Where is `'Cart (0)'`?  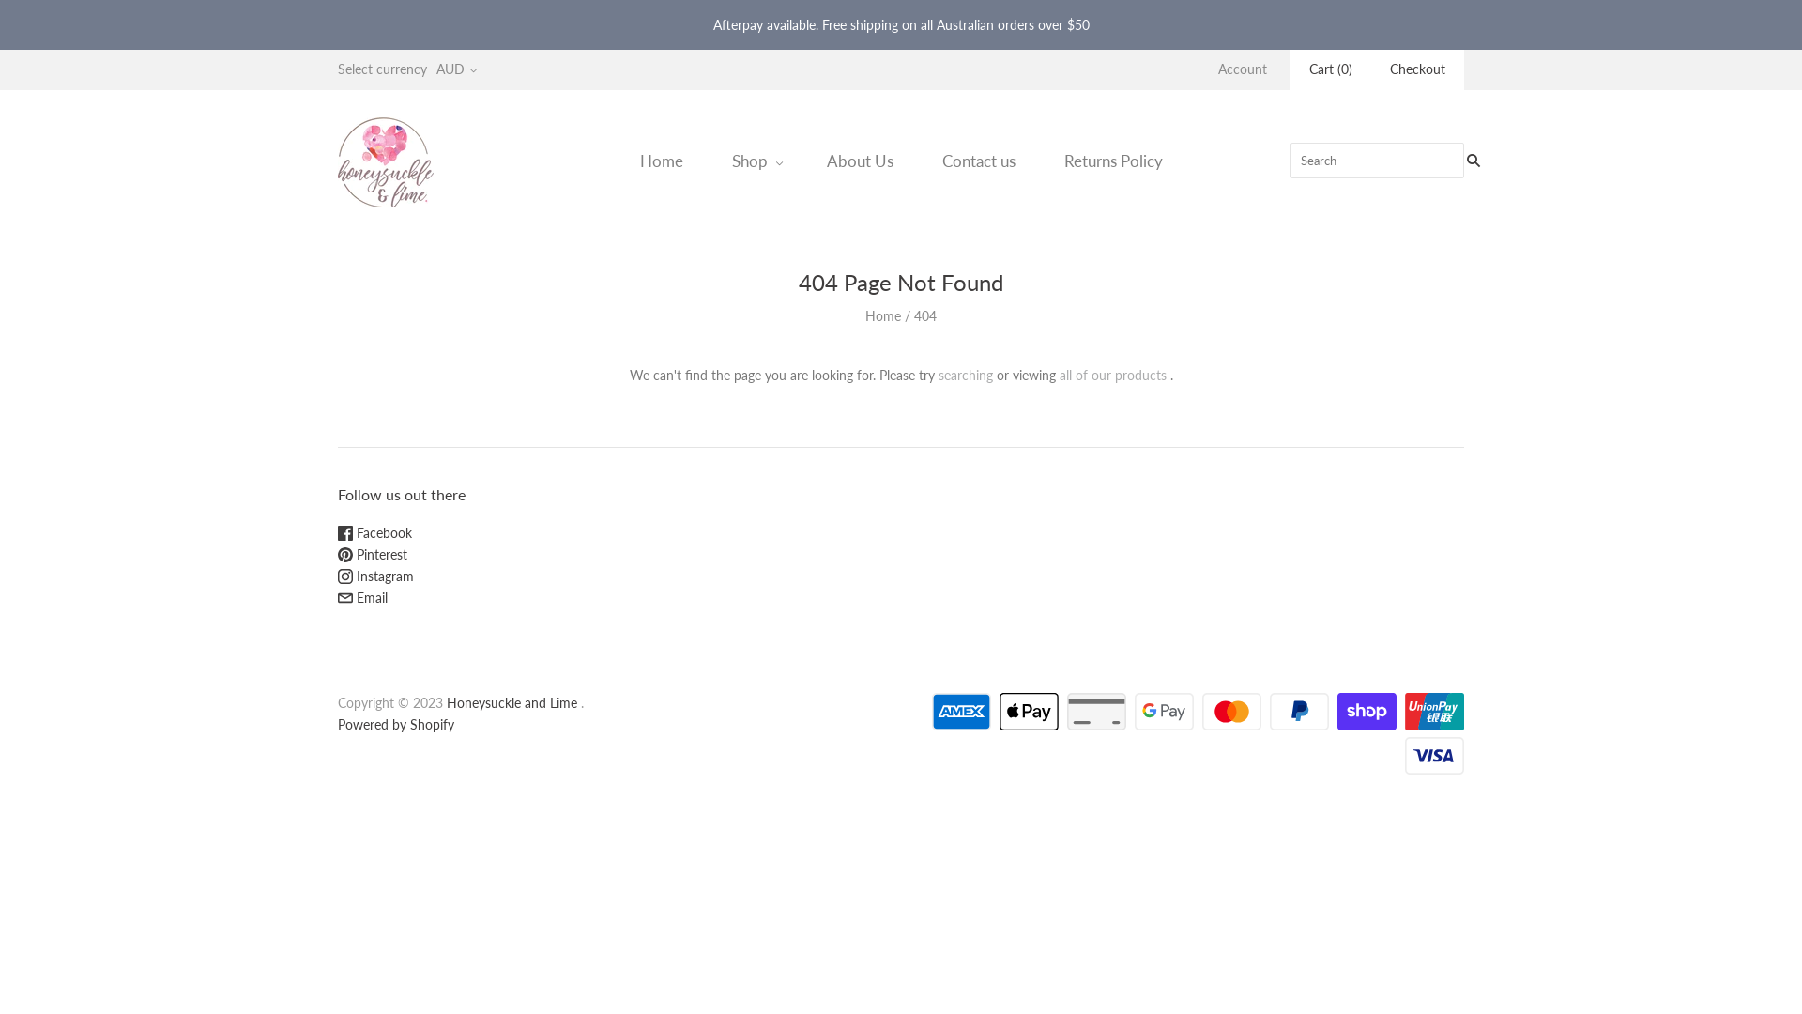
'Cart (0)' is located at coordinates (1308, 69).